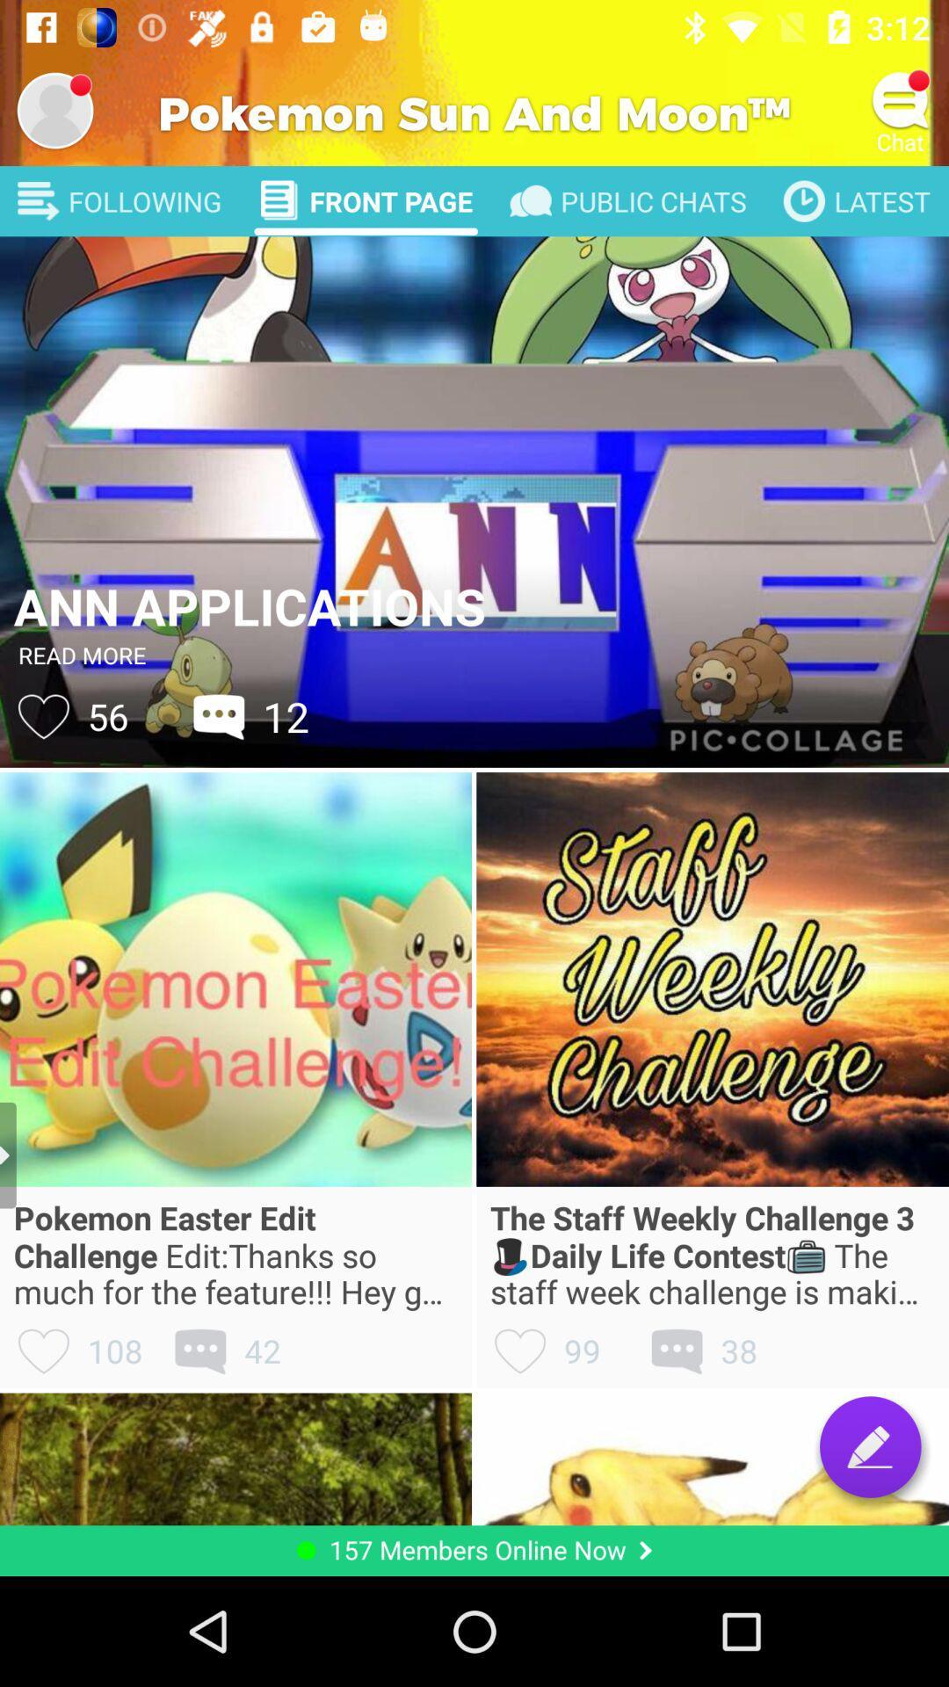  Describe the element at coordinates (870, 1446) in the screenshot. I see `edit` at that location.